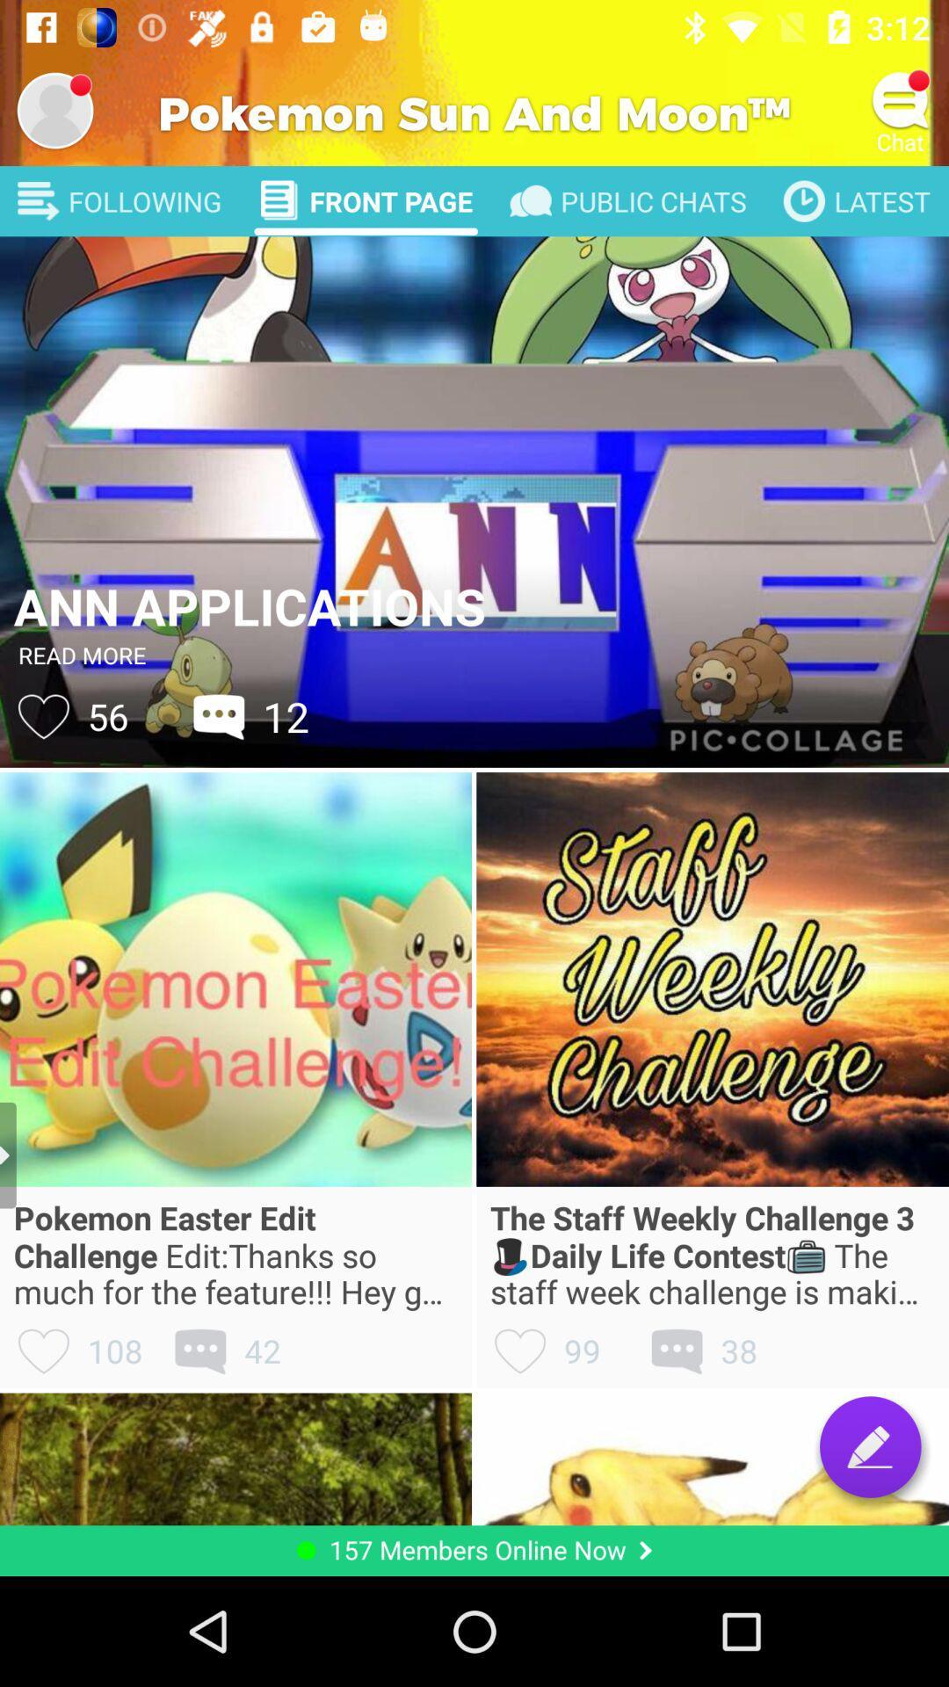  Describe the element at coordinates (870, 1446) in the screenshot. I see `edit` at that location.